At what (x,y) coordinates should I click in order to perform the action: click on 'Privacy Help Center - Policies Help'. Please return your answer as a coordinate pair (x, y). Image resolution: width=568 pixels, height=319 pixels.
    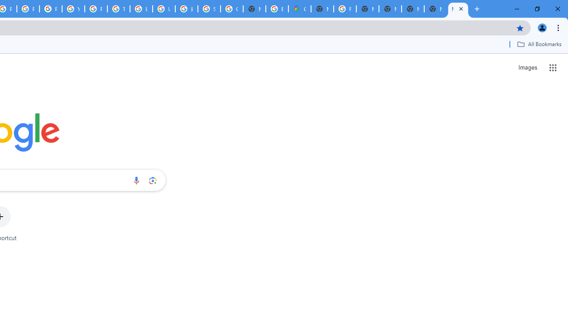
    Looking at the image, I should click on (28, 9).